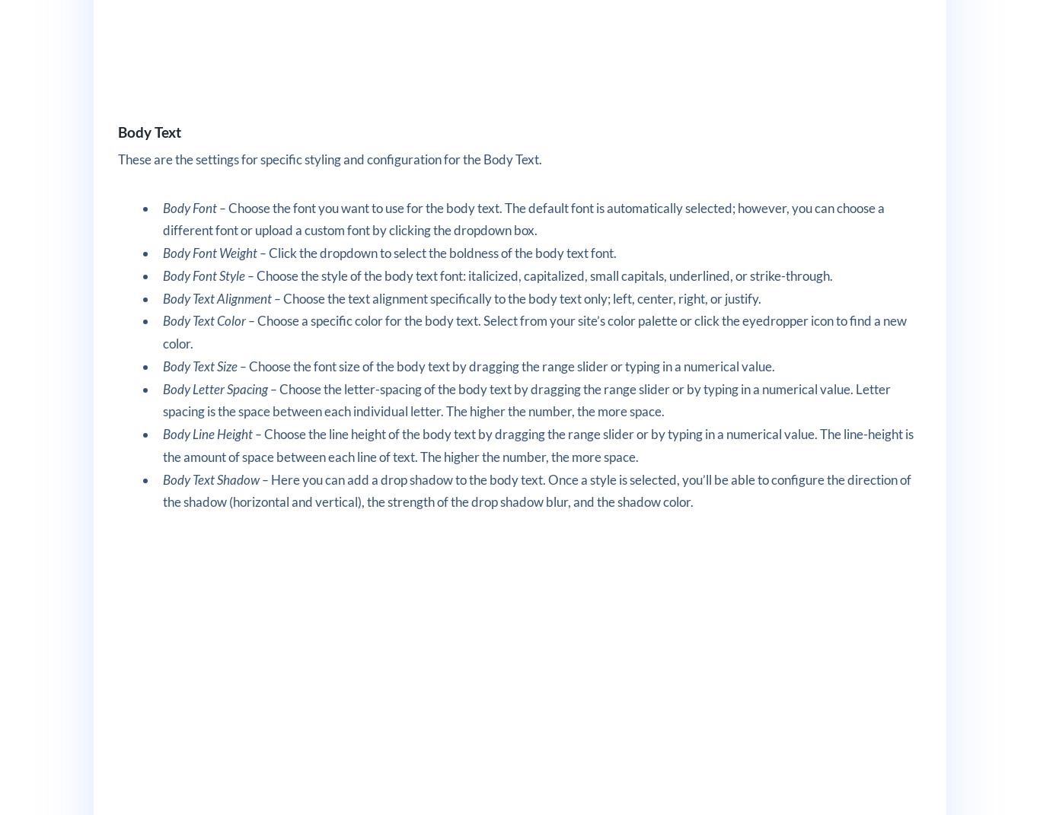 This screenshot has width=1040, height=815. I want to click on 'Body Text Shadow –', so click(216, 478).